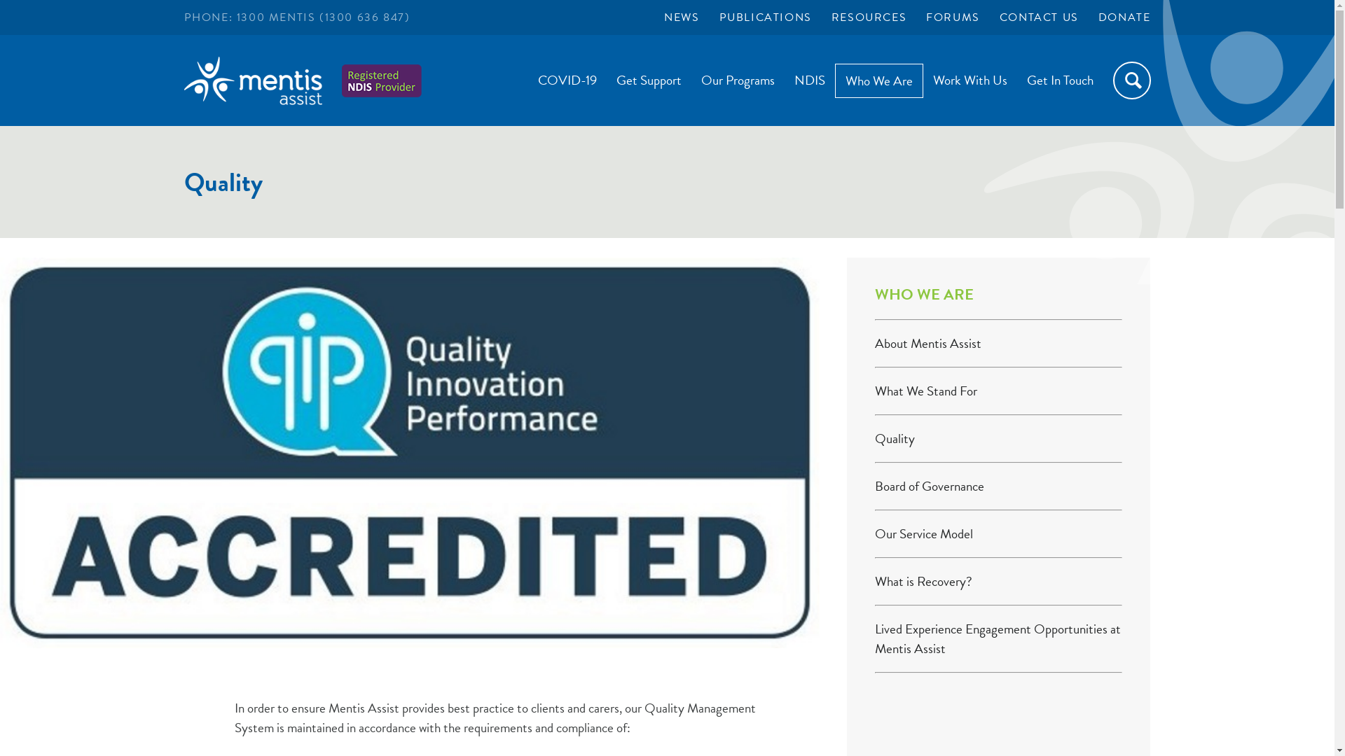 The width and height of the screenshot is (1345, 756). What do you see at coordinates (382, 80) in the screenshot?
I see `'Registered NDIS Provider'` at bounding box center [382, 80].